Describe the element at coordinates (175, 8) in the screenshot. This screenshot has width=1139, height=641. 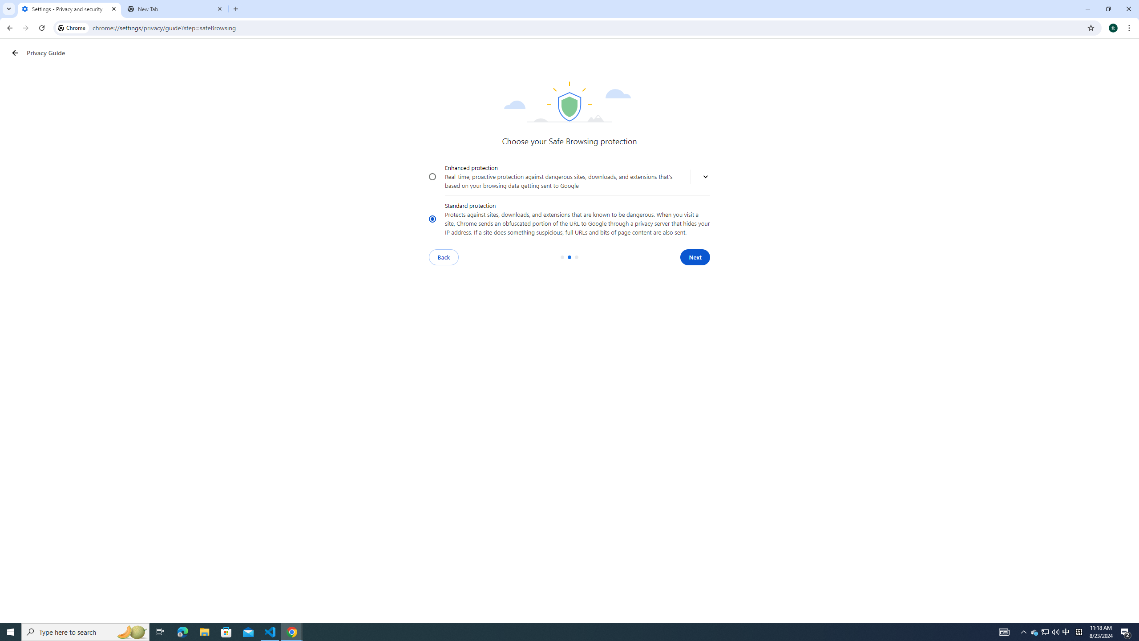
I see `'New Tab'` at that location.